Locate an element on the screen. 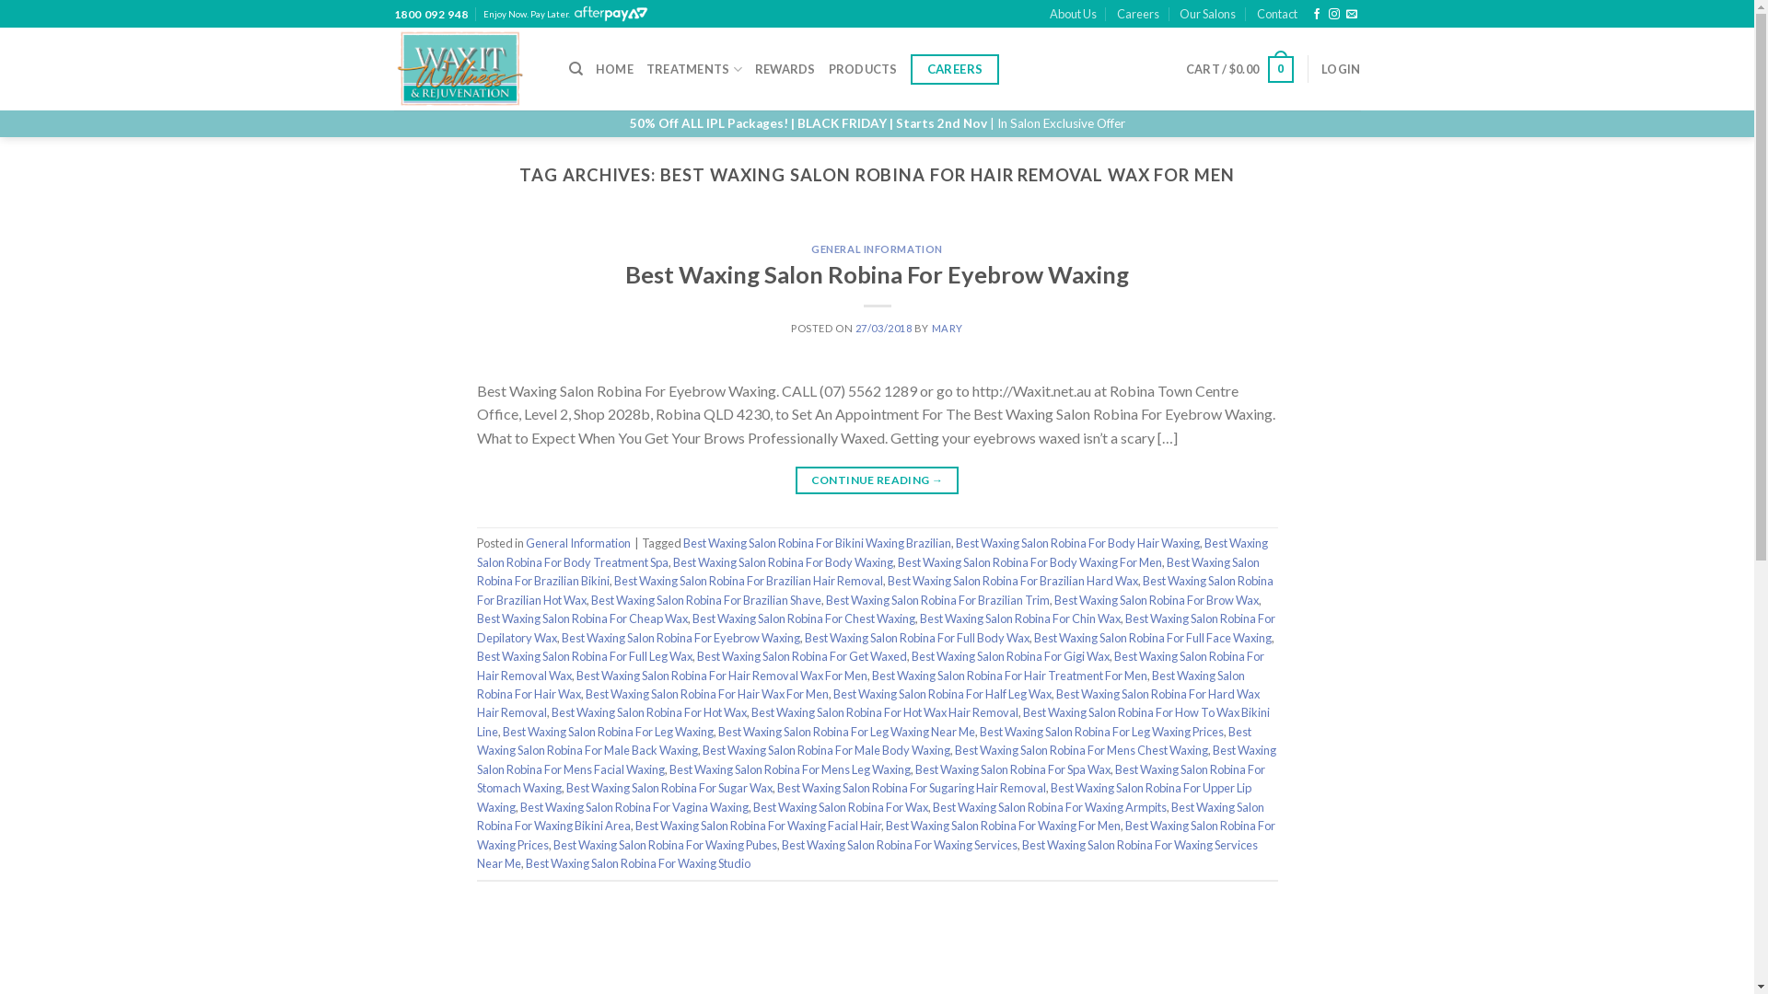  'About Us' is located at coordinates (1073, 14).